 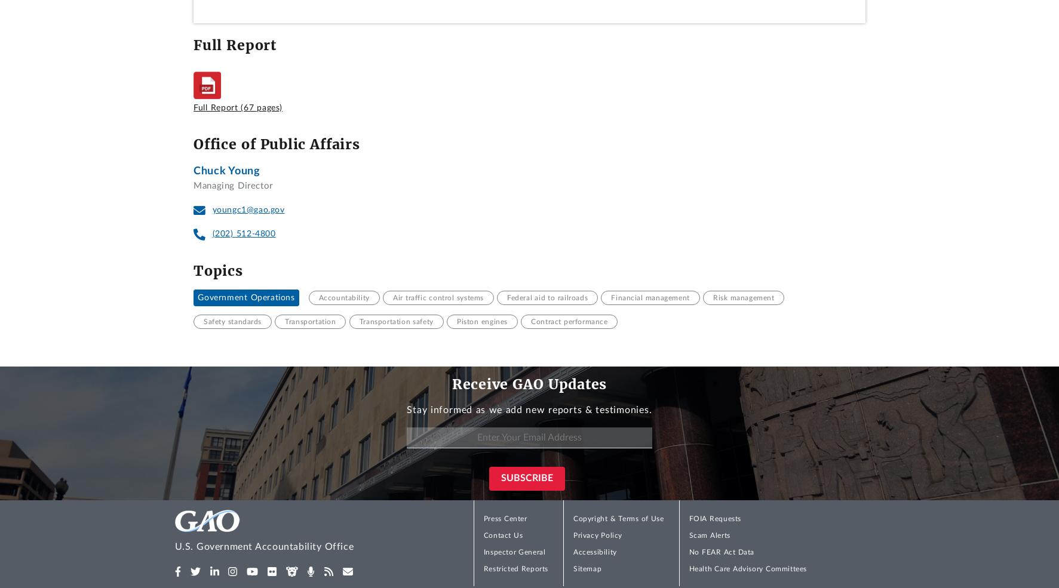 I want to click on 'Government Operations', so click(x=245, y=297).